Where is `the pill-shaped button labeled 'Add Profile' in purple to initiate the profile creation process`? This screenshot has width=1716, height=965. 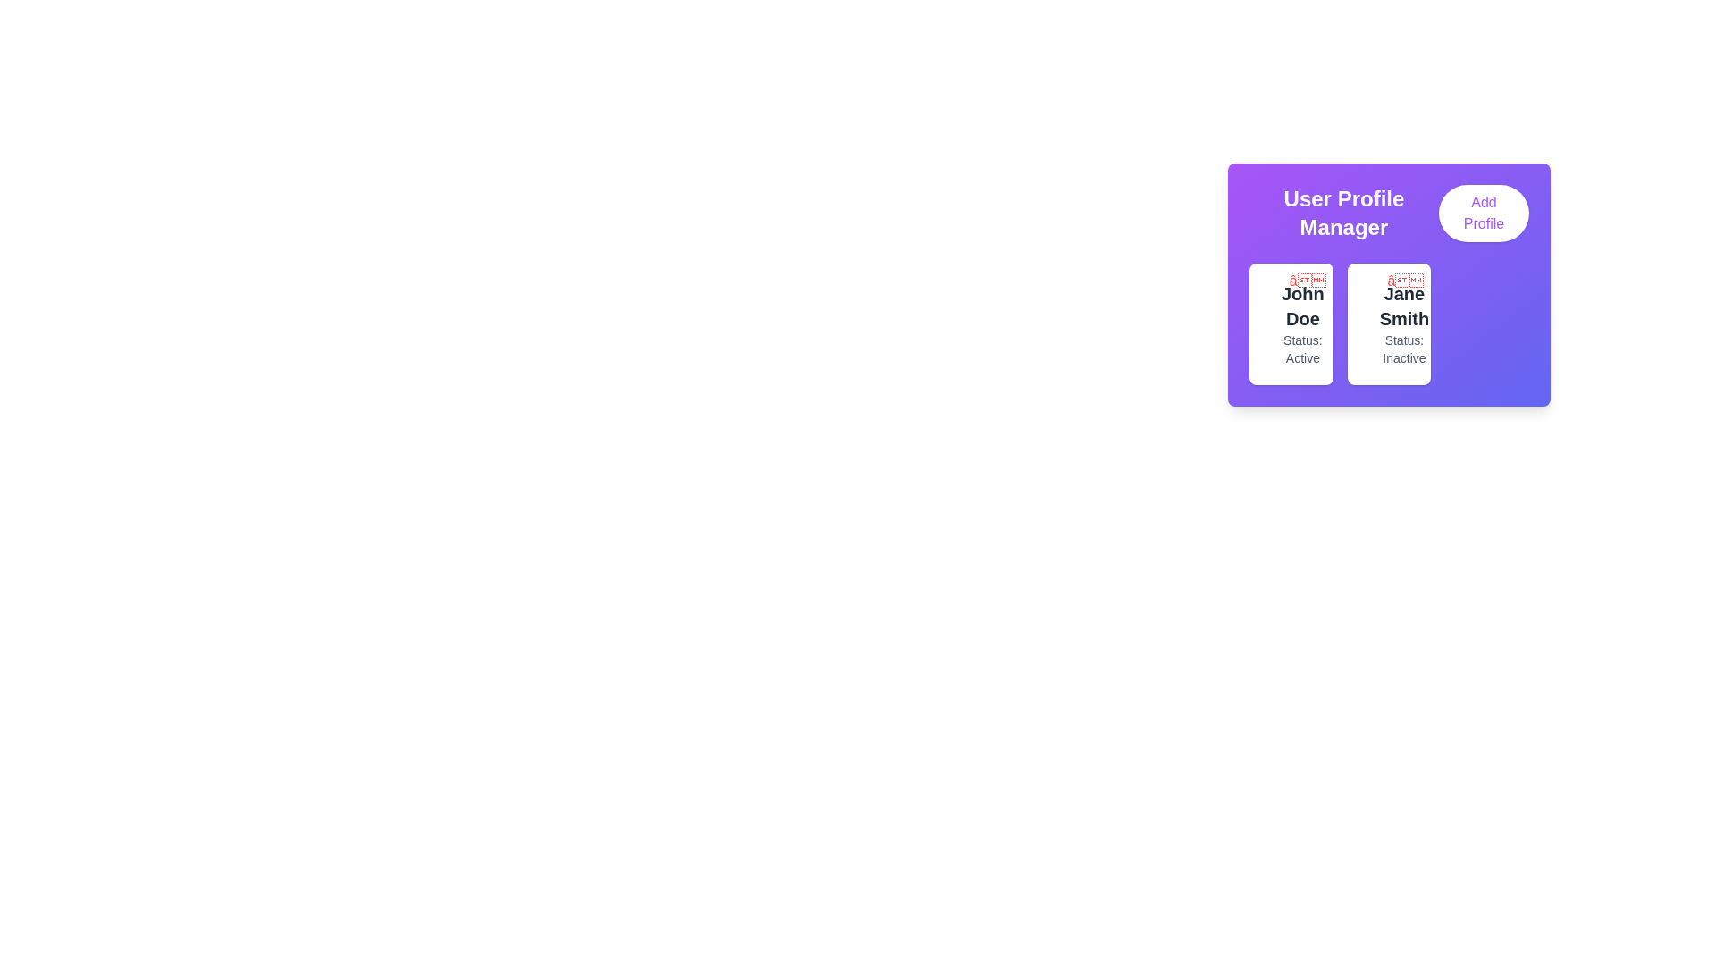 the pill-shaped button labeled 'Add Profile' in purple to initiate the profile creation process is located at coordinates (1484, 213).